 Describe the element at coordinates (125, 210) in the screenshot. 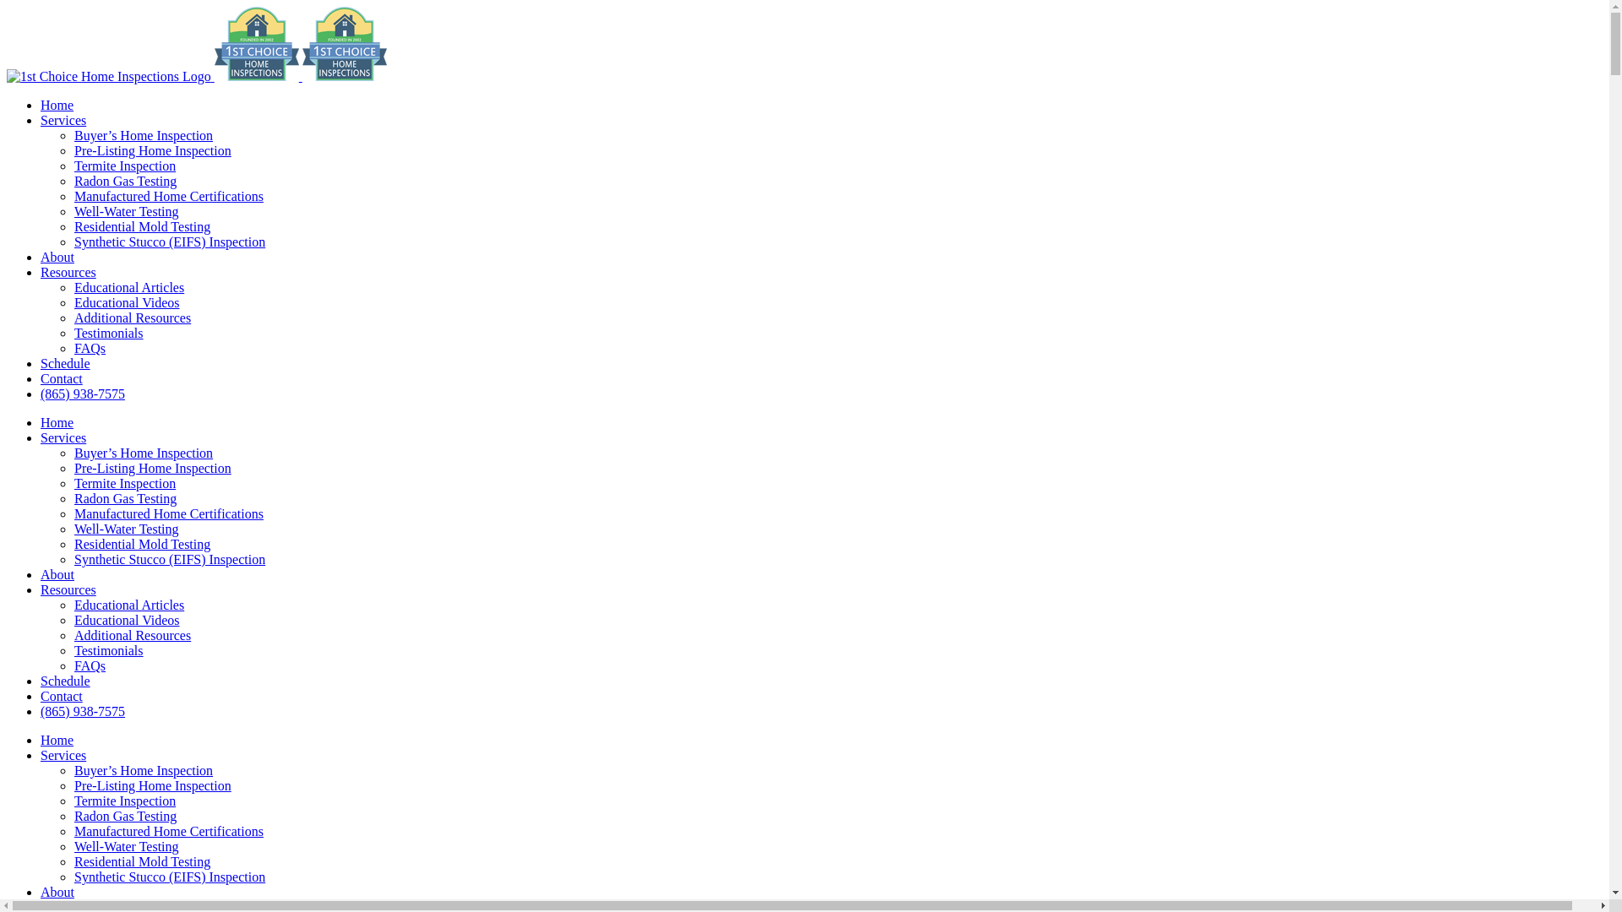

I see `'Well-Water Testing'` at that location.